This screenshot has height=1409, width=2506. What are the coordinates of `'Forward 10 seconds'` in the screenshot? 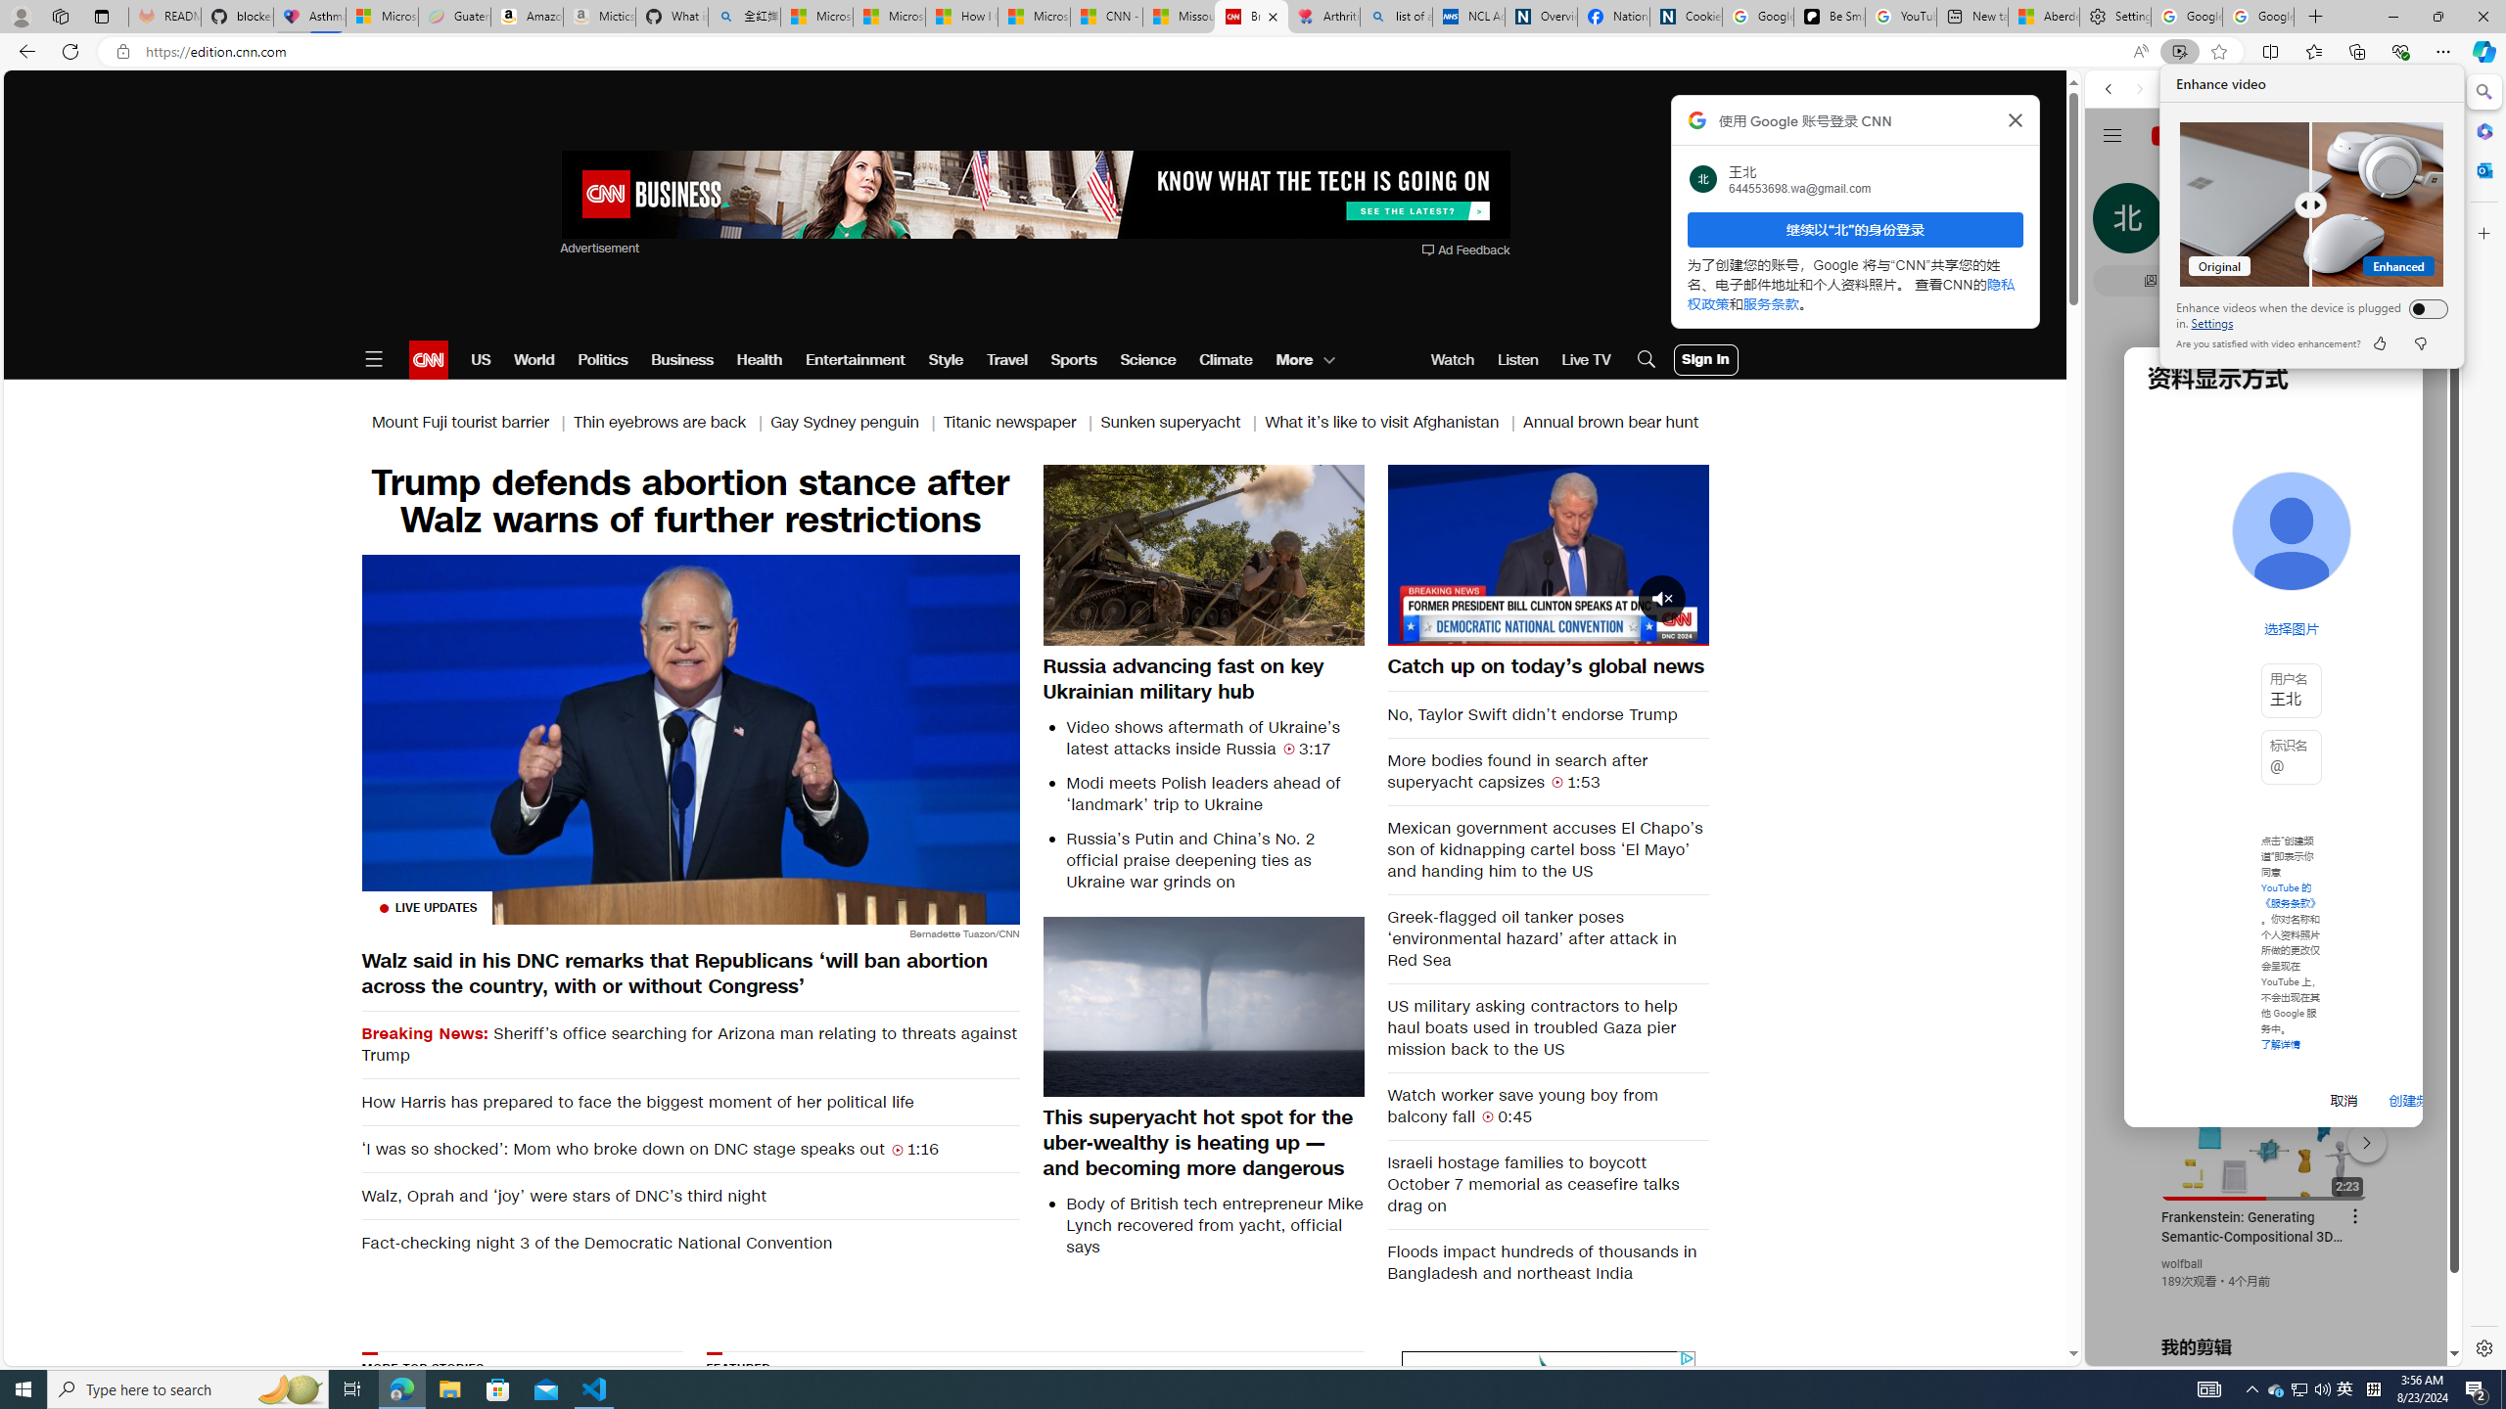 It's located at (1604, 554).